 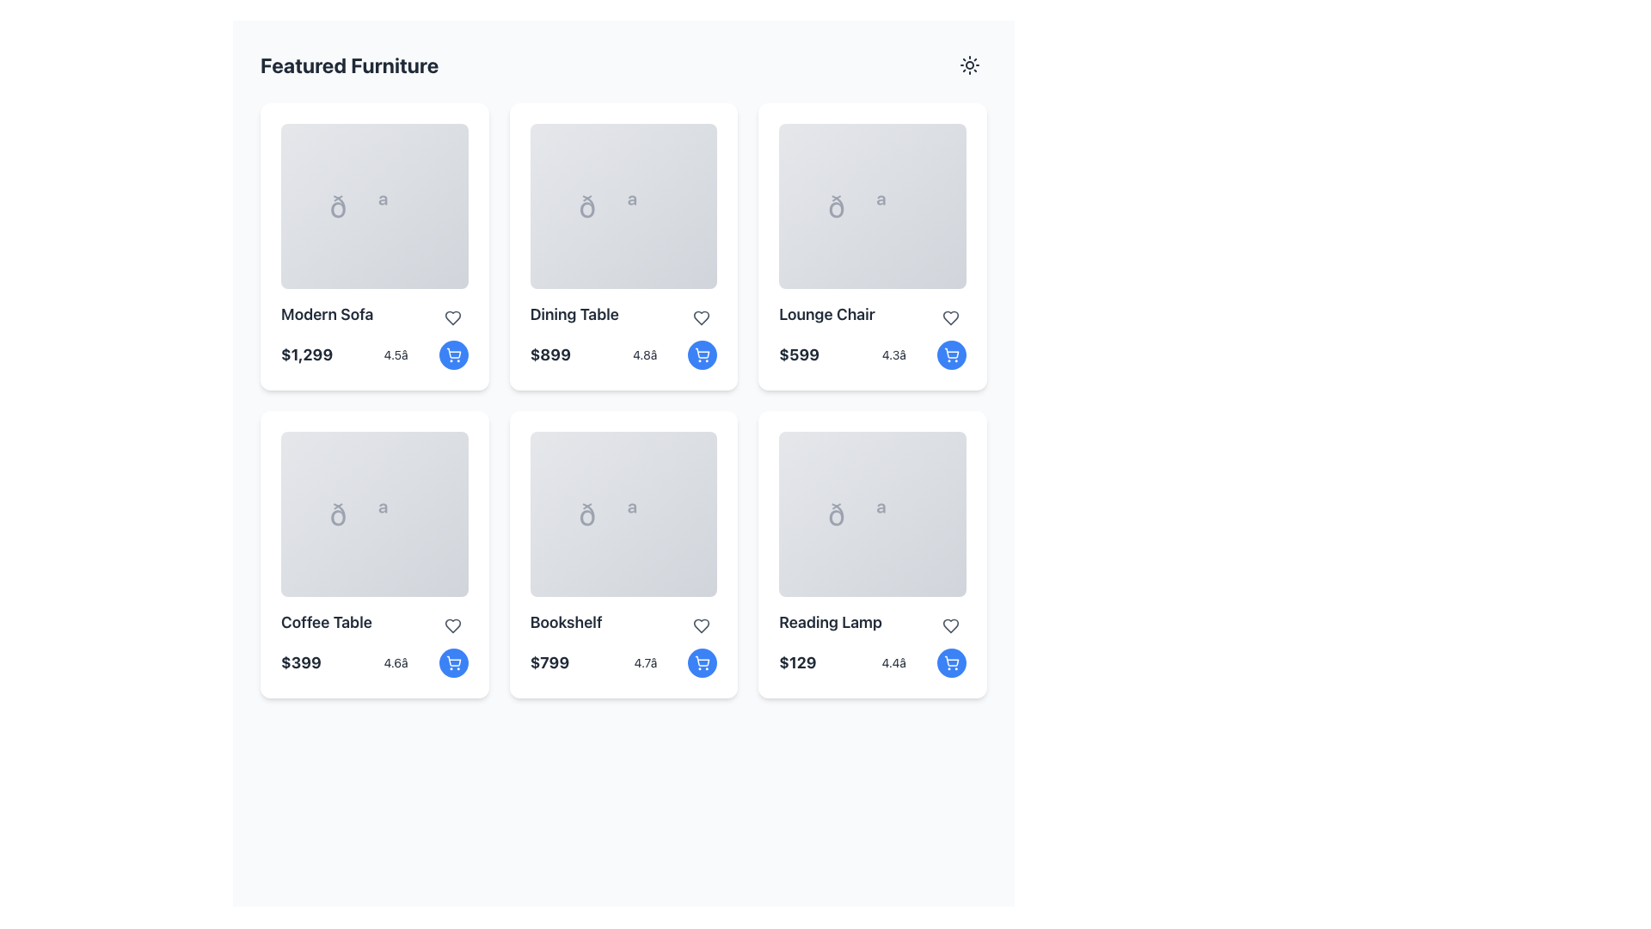 I want to click on the heart icon, so click(x=949, y=626).